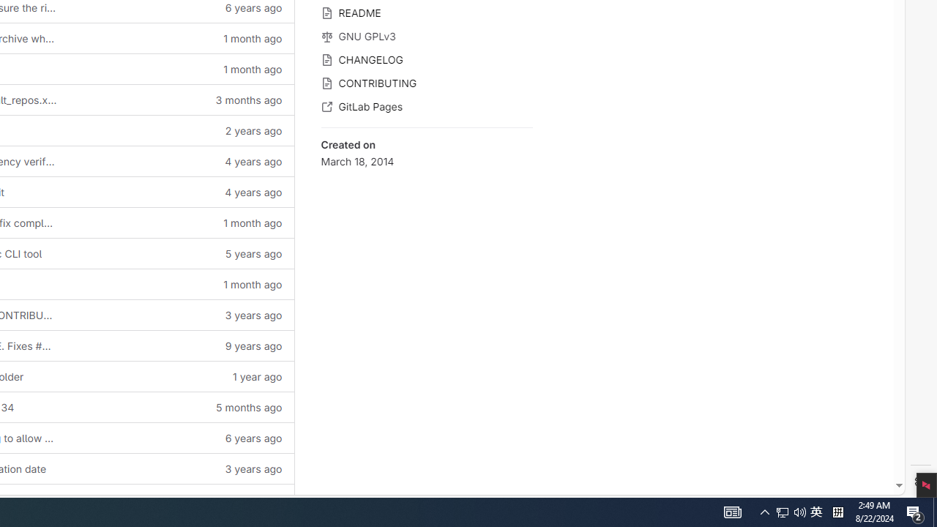 The image size is (937, 527). What do you see at coordinates (426, 105) in the screenshot?
I see `'GitLab Pages'` at bounding box center [426, 105].